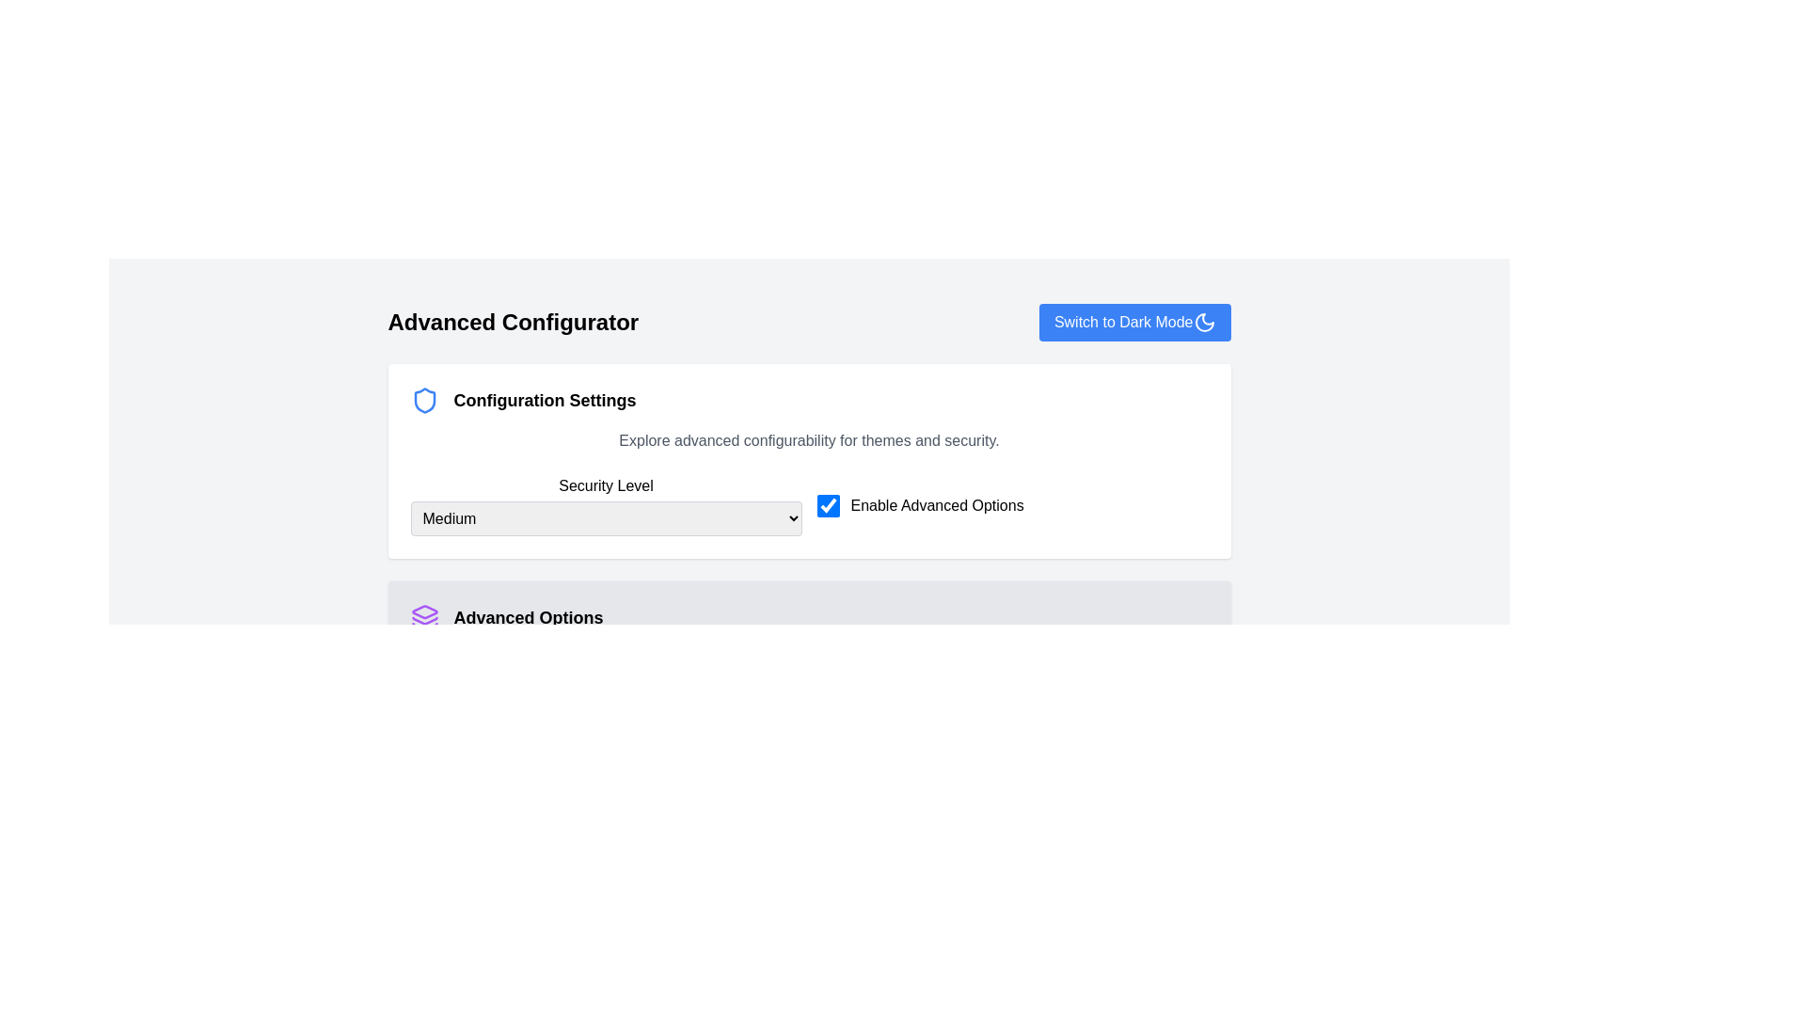 The image size is (1806, 1016). I want to click on the checkbox, so click(828, 504).